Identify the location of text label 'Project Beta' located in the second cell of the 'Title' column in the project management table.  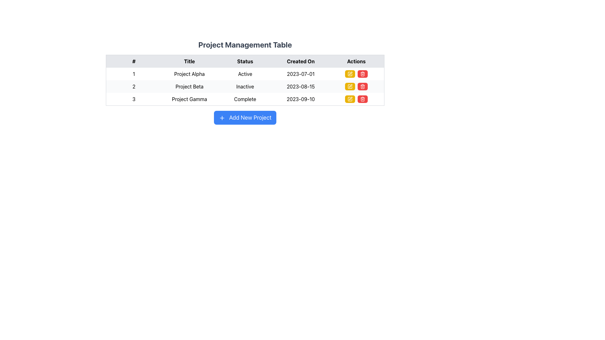
(189, 86).